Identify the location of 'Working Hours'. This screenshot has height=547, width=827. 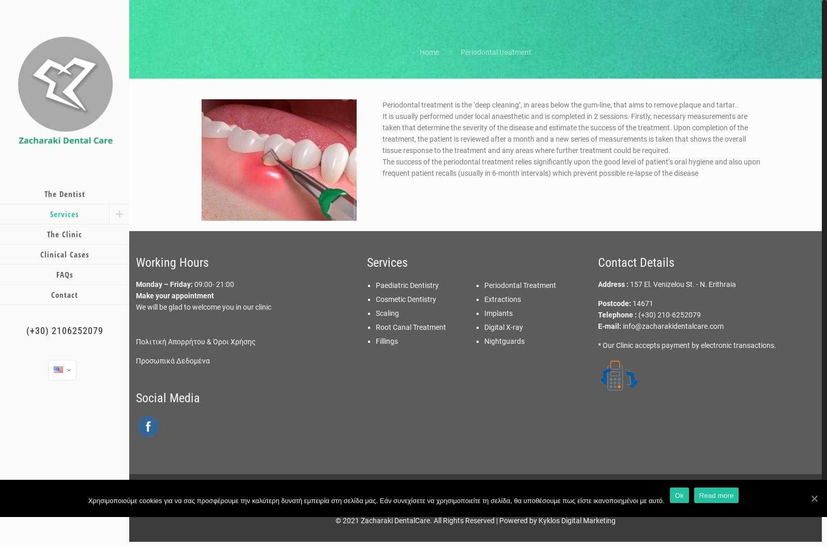
(172, 262).